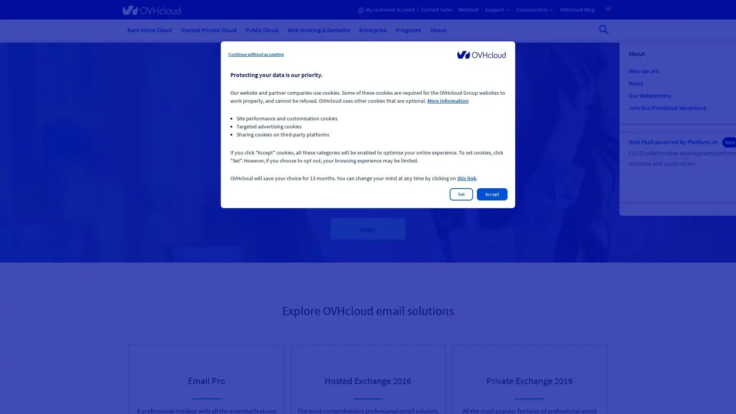 The width and height of the screenshot is (736, 414). I want to click on Accept, so click(492, 194).